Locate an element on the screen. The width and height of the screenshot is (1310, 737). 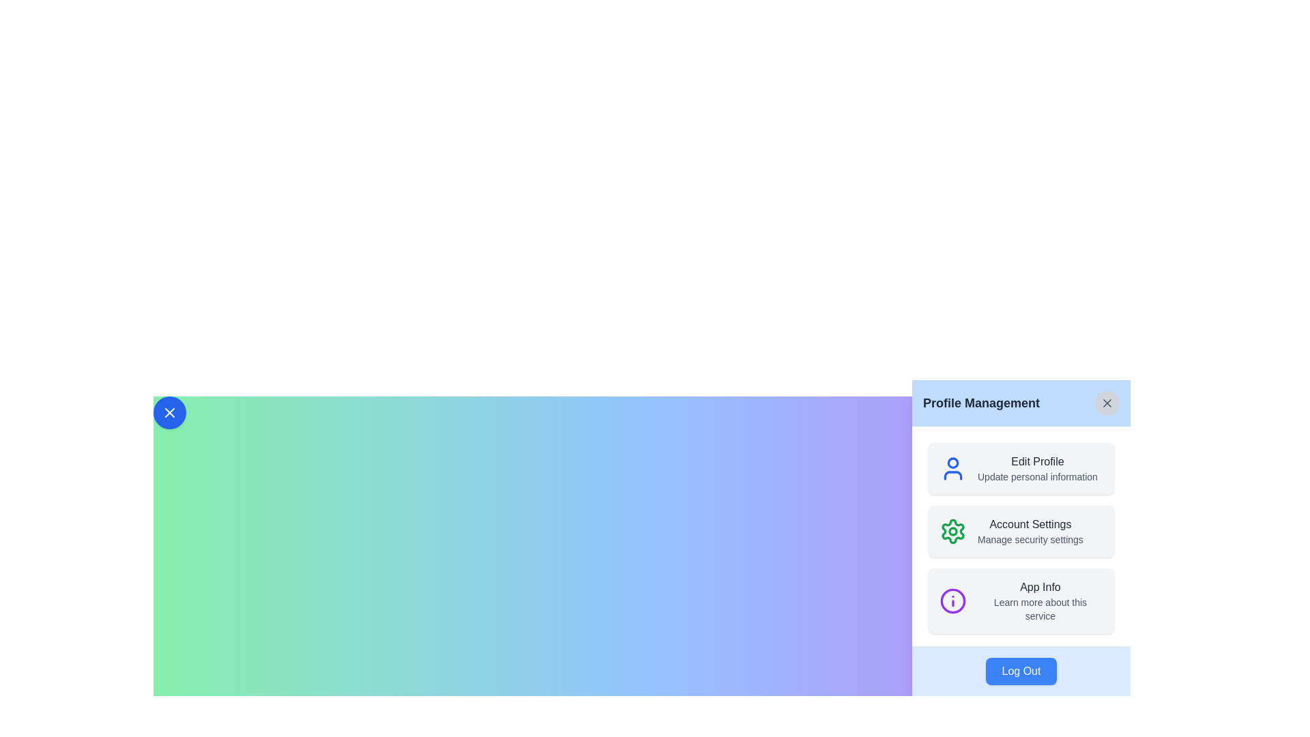
the descriptive text label below the 'Edit Profile' option in the 'Profile Management' panel is located at coordinates (1037, 476).